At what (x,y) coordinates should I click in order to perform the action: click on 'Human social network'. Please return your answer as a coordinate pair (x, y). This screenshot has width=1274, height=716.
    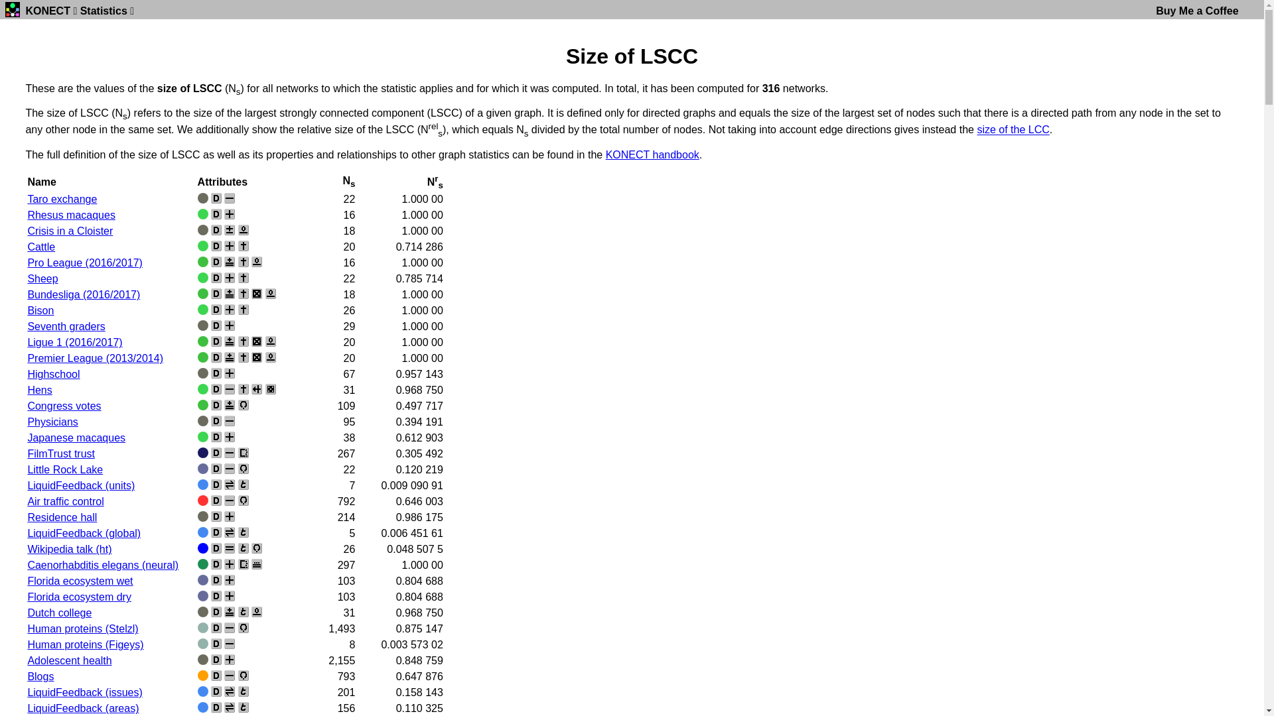
    Looking at the image, I should click on (202, 373).